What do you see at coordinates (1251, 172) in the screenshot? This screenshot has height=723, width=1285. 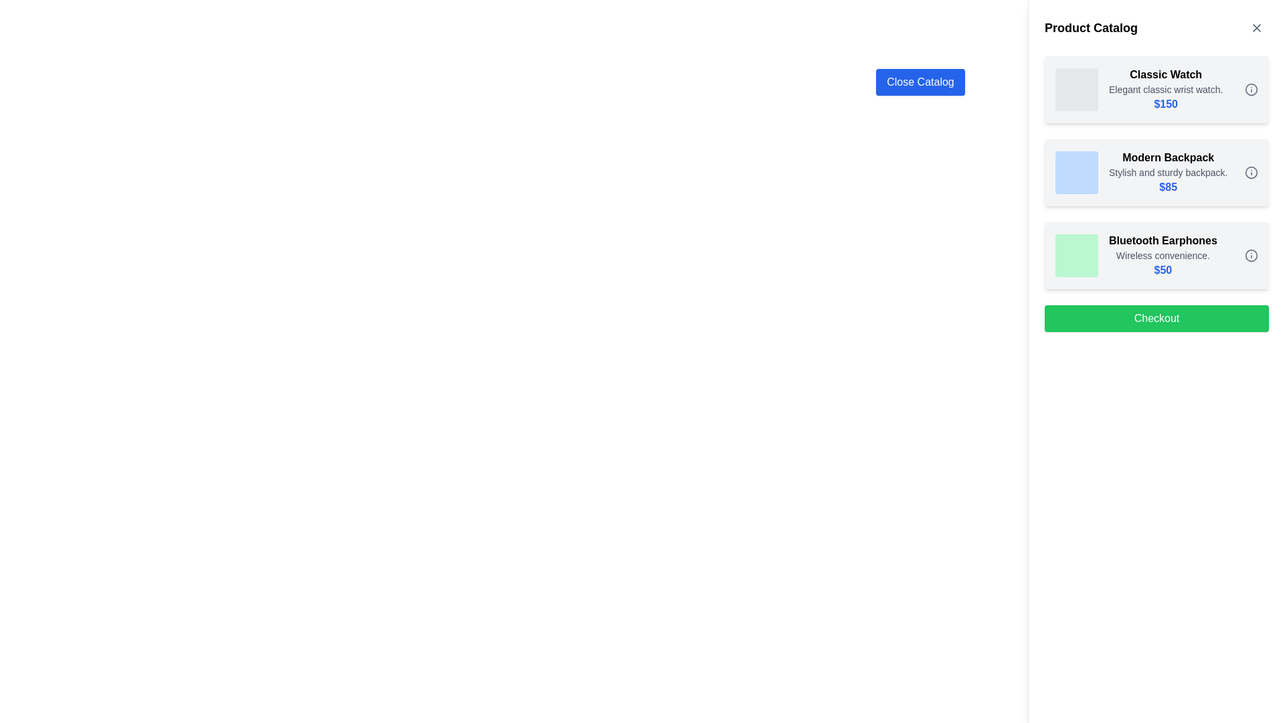 I see `the small, circular gray information icon located next to the descriptive text and price of the 'Modern Backpack'` at bounding box center [1251, 172].